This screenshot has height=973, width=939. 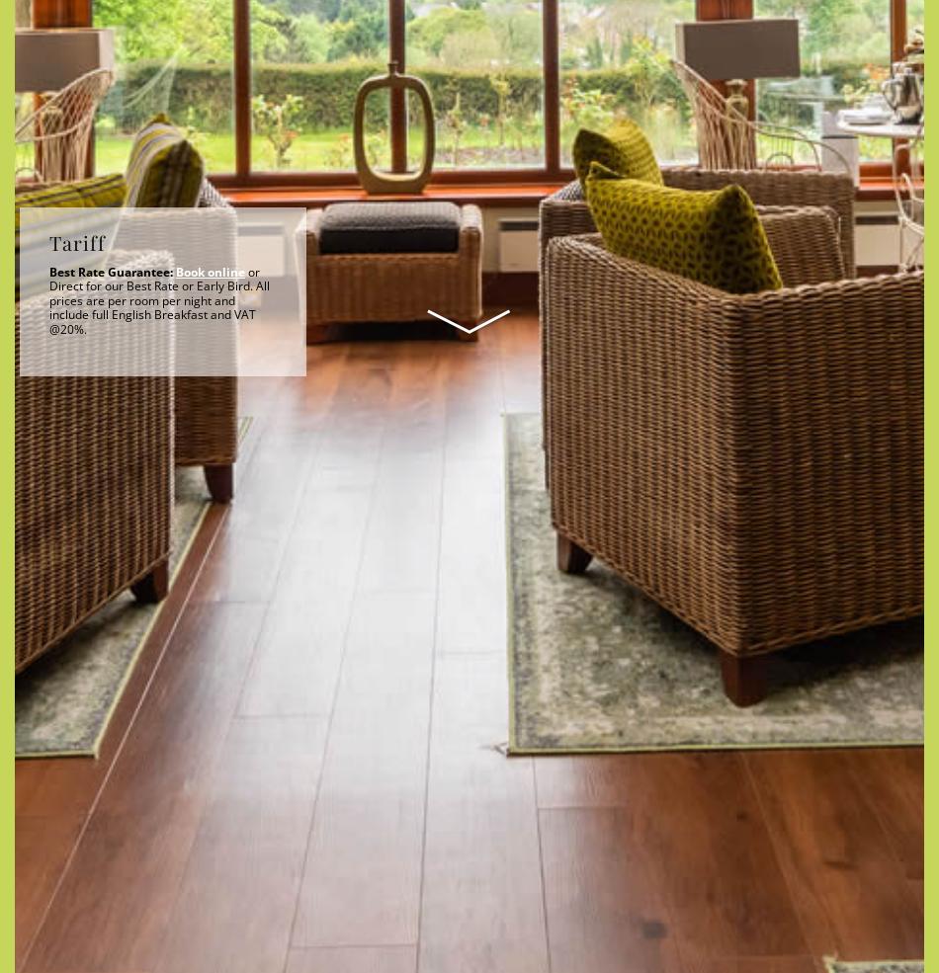 I want to click on 'Departure', so click(x=468, y=121).